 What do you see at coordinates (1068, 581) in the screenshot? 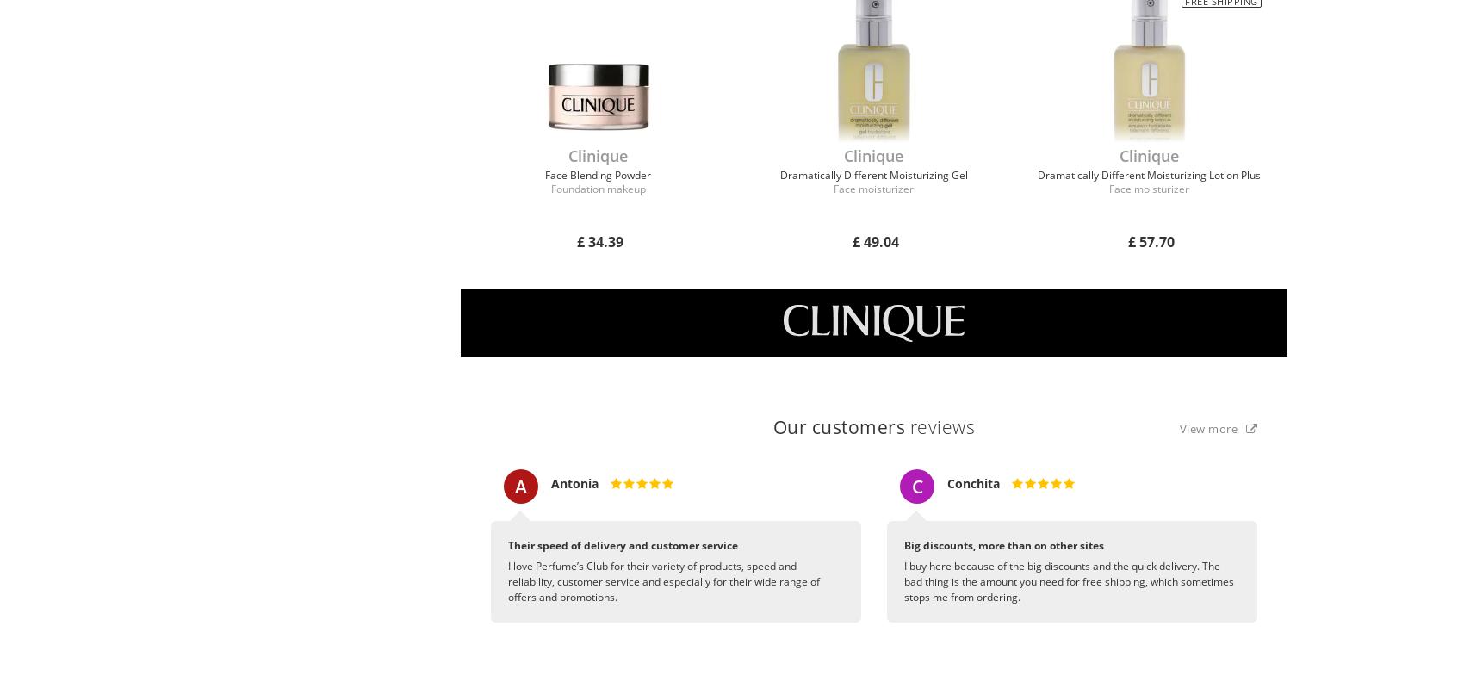
I see `'I buy here because of the big discounts and the quick delivery. The bad thing is the amount you need for free shipping, which sometimes stops me from ordering.'` at bounding box center [1068, 581].